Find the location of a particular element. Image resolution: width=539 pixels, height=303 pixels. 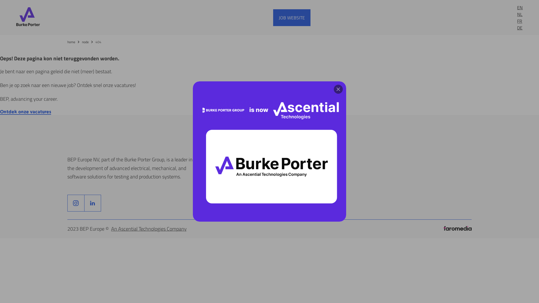

'FR' is located at coordinates (519, 20).